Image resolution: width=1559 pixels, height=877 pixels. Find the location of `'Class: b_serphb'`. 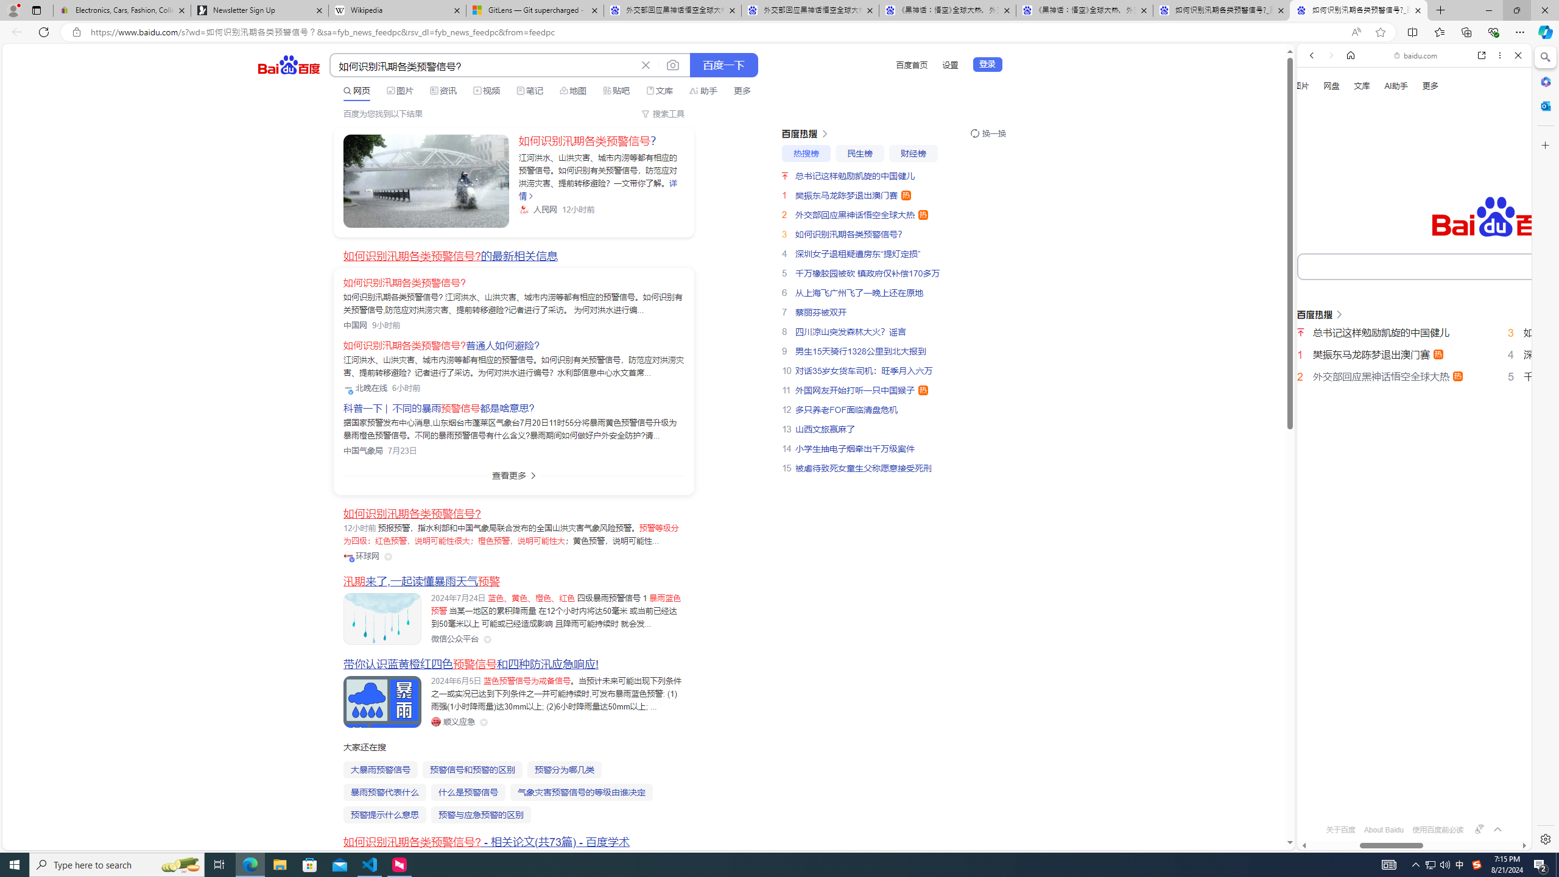

'Class: b_serphb' is located at coordinates (1504, 206).